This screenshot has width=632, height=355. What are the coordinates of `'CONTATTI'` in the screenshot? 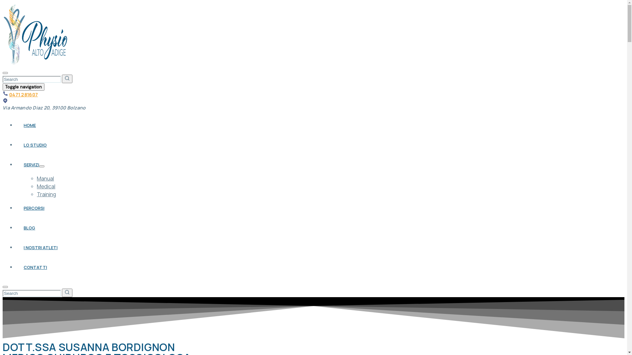 It's located at (35, 267).